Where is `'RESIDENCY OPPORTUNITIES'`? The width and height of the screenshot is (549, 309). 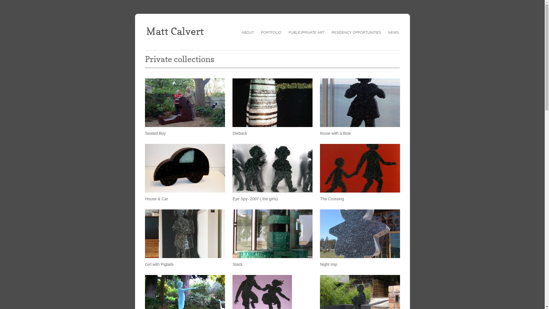 'RESIDENCY OPPORTUNITIES' is located at coordinates (356, 33).